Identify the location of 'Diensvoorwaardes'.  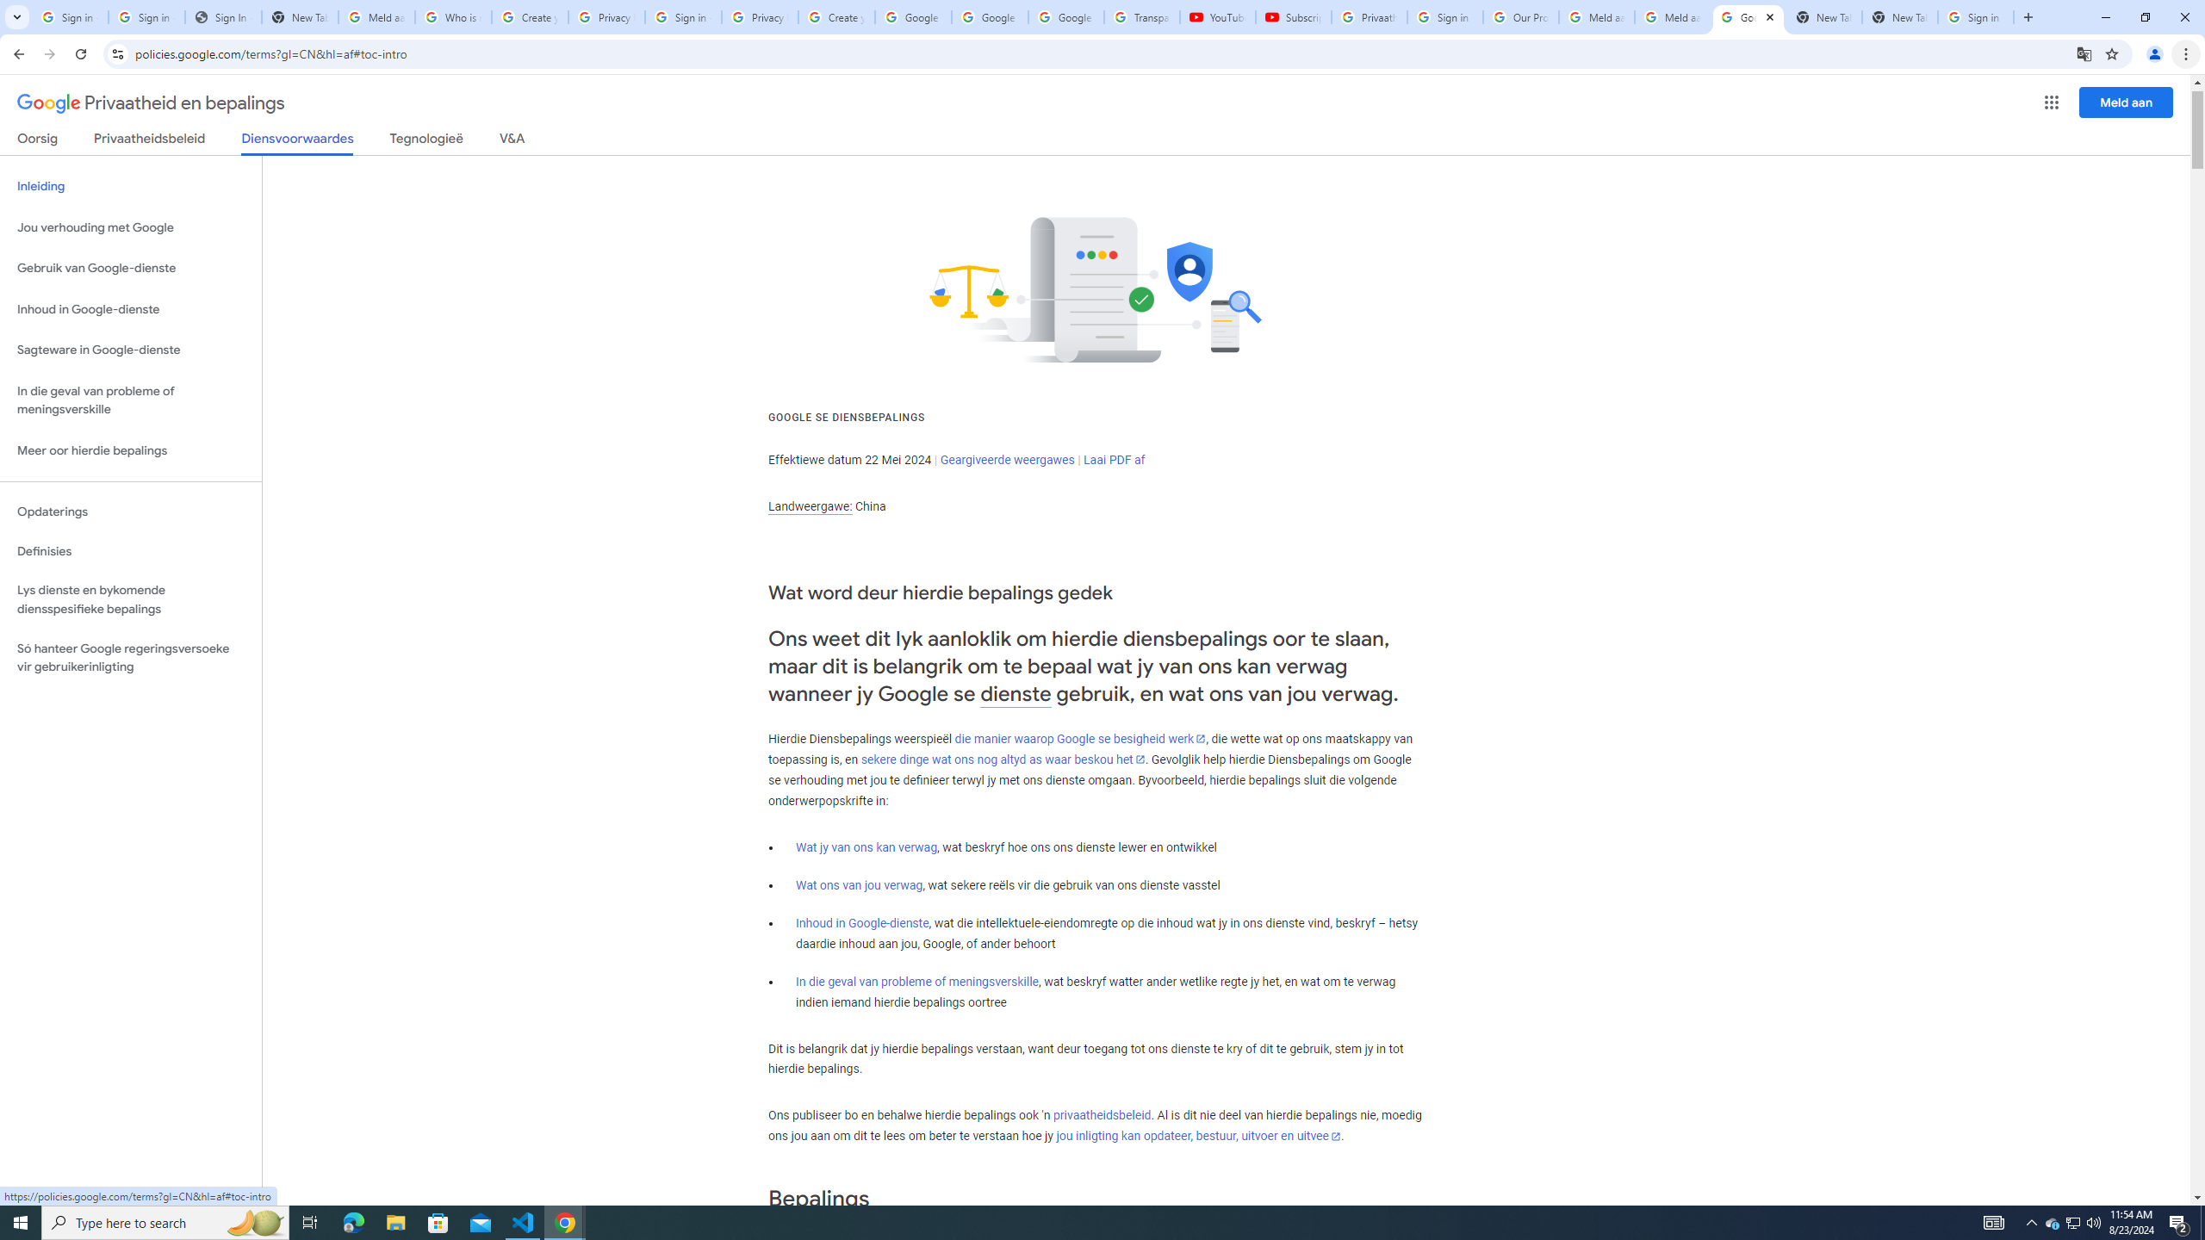
(297, 142).